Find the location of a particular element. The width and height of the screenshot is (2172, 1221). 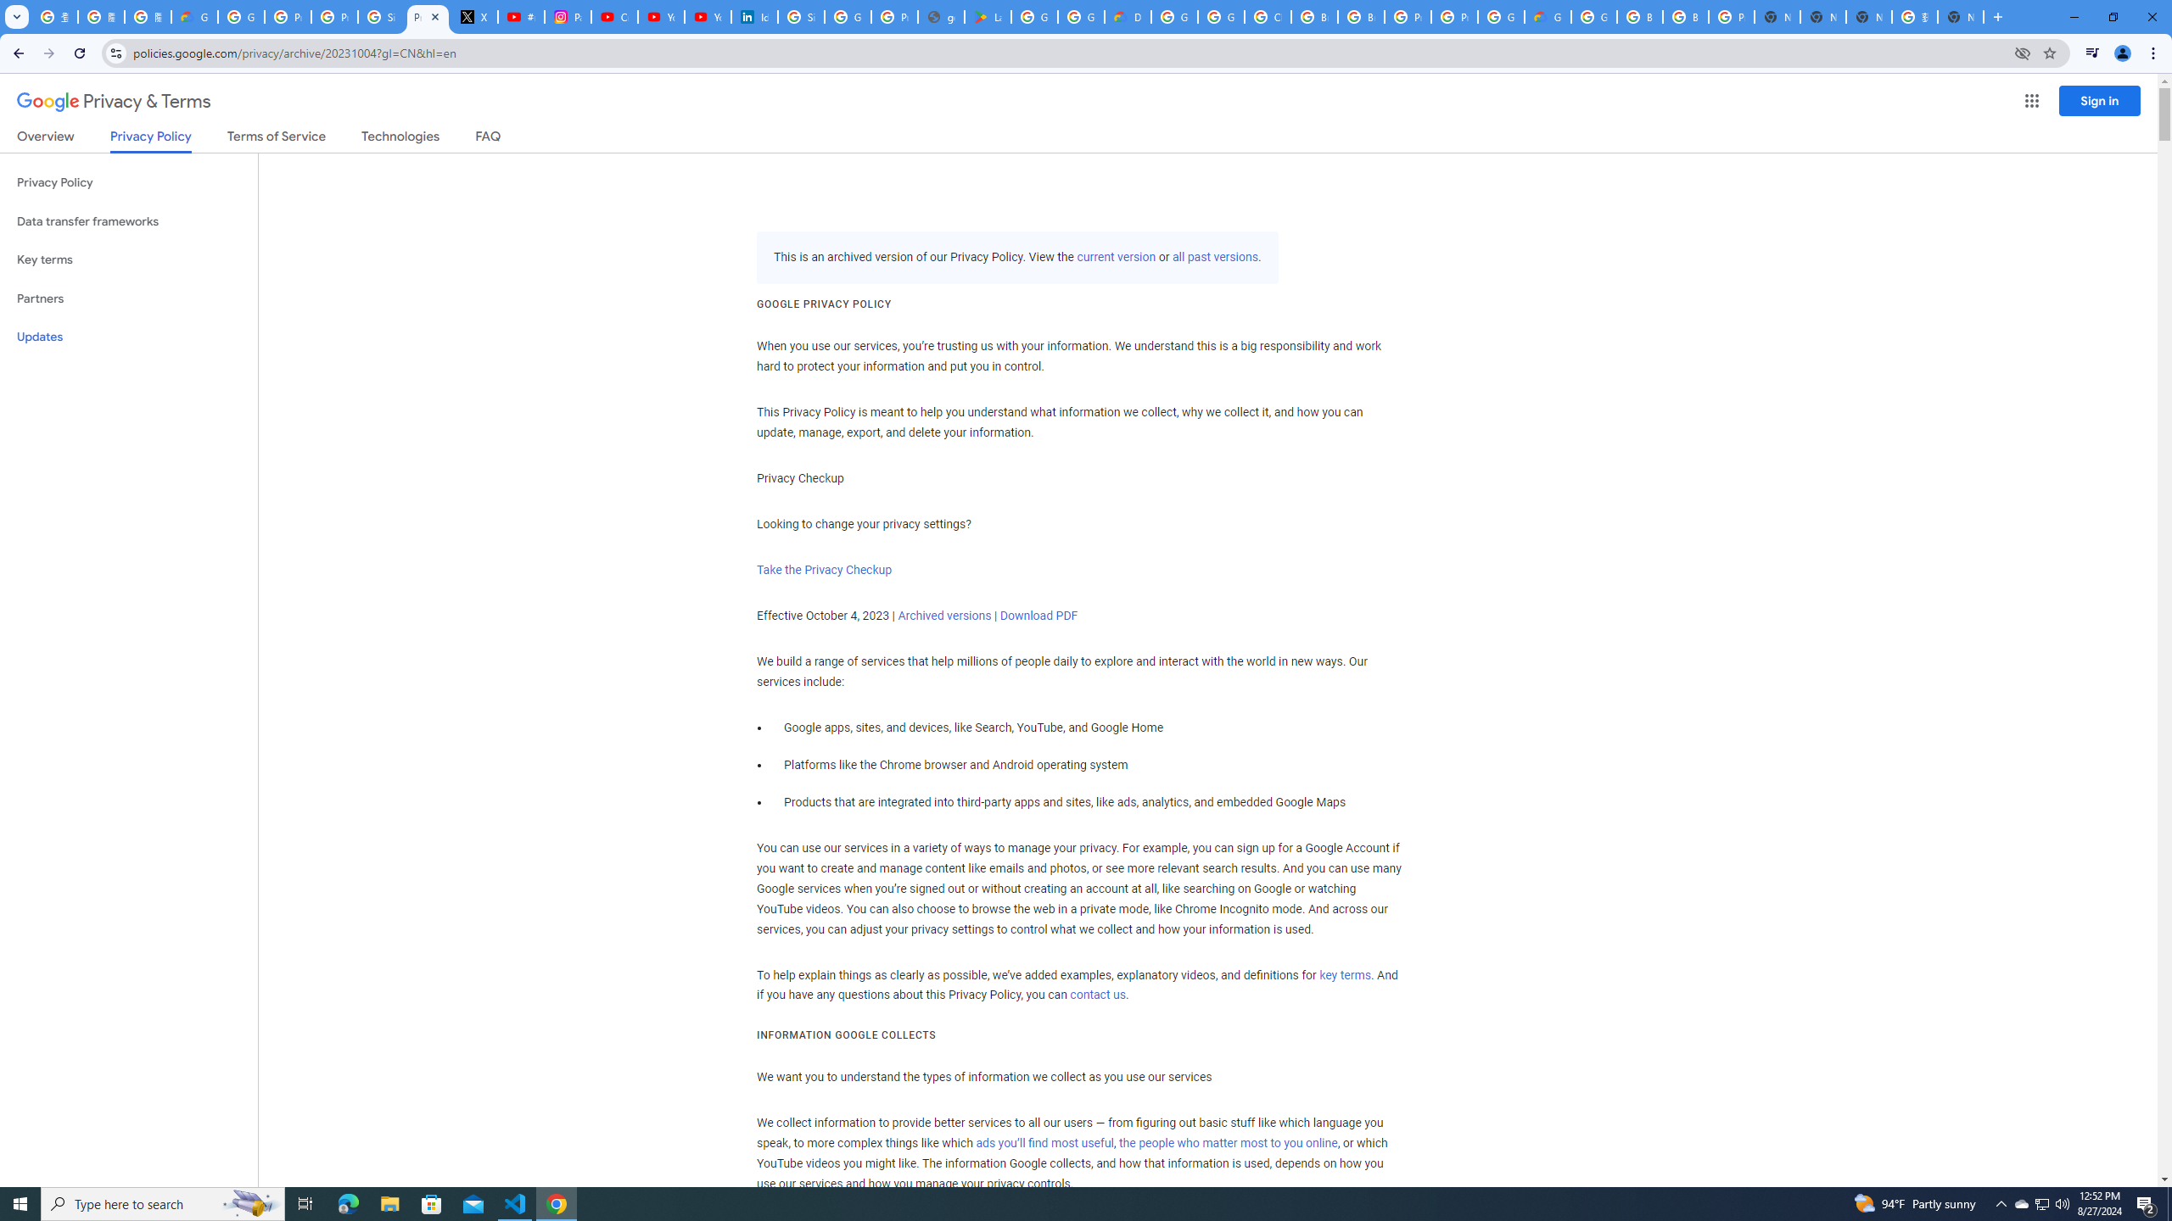

'key terms' is located at coordinates (1343, 973).